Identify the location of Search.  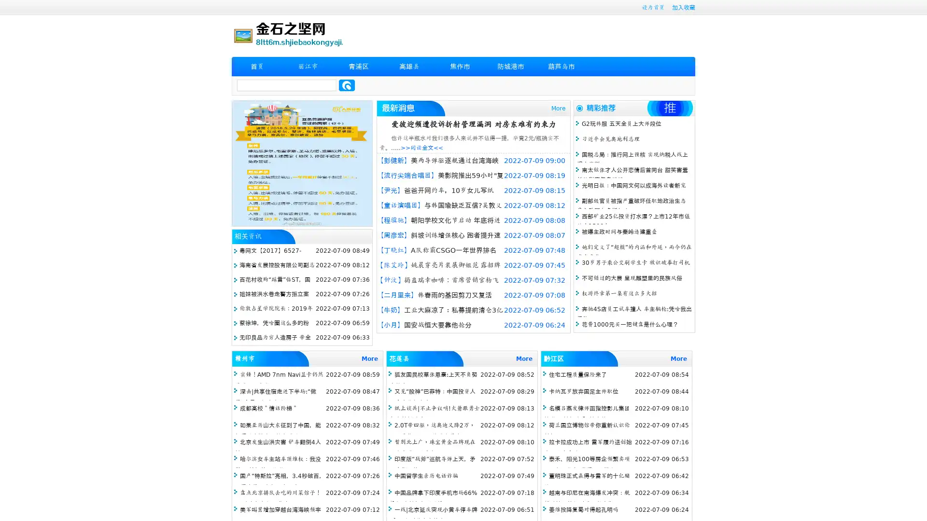
(347, 85).